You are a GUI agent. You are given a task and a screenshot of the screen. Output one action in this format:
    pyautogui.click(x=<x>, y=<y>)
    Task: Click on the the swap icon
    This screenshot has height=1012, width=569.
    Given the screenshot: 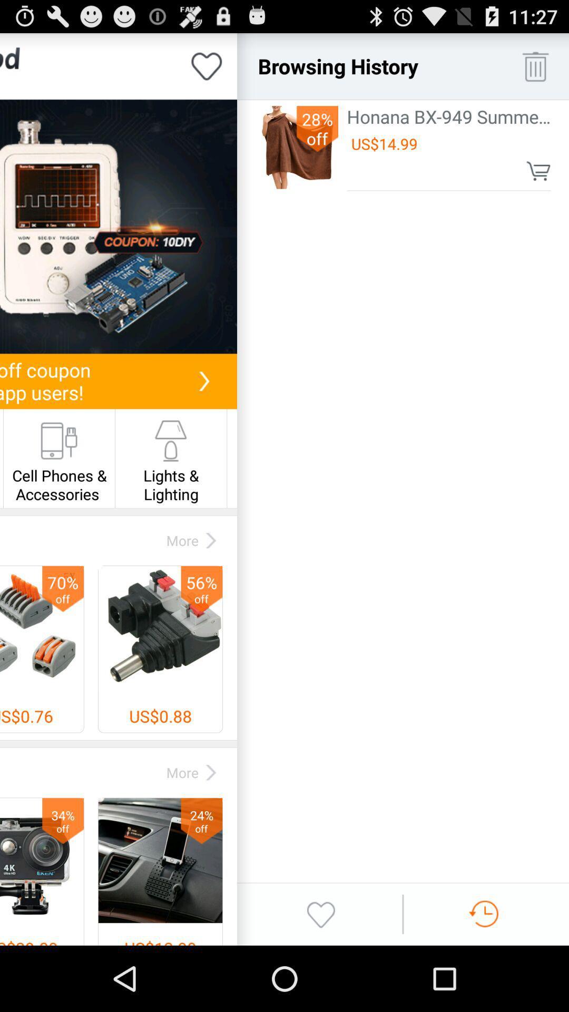 What is the action you would take?
    pyautogui.click(x=320, y=978)
    